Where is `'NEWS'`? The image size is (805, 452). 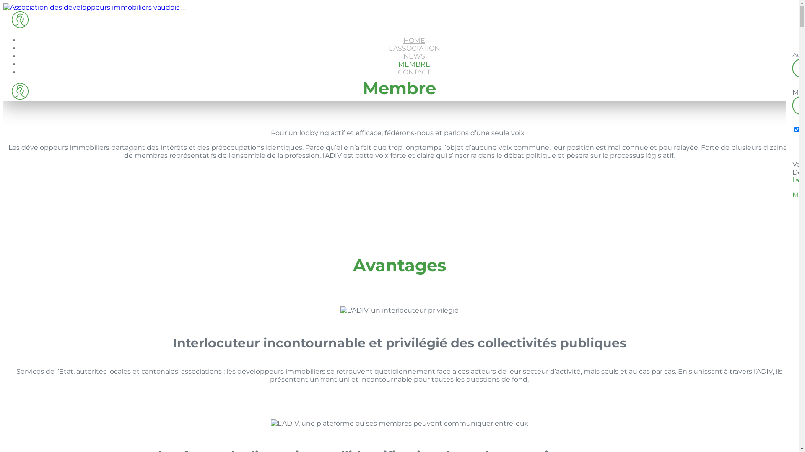 'NEWS' is located at coordinates (414, 56).